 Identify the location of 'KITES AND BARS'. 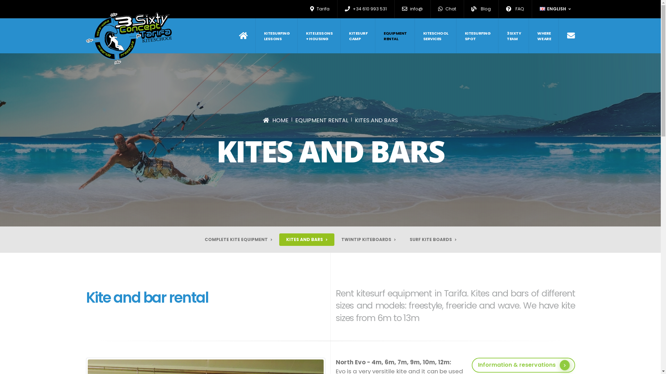
(376, 120).